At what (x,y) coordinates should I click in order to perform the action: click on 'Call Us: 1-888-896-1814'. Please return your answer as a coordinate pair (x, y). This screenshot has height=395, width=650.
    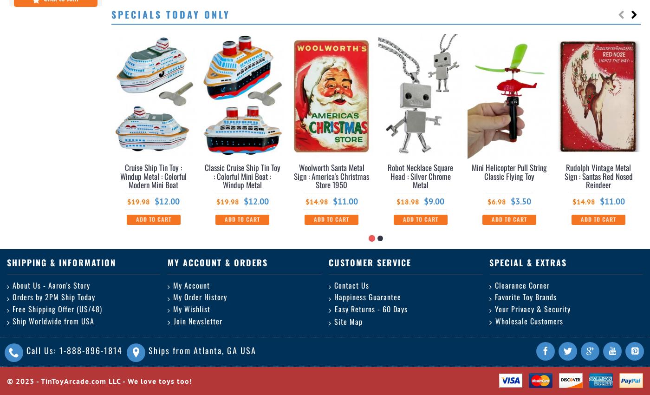
    Looking at the image, I should click on (26, 350).